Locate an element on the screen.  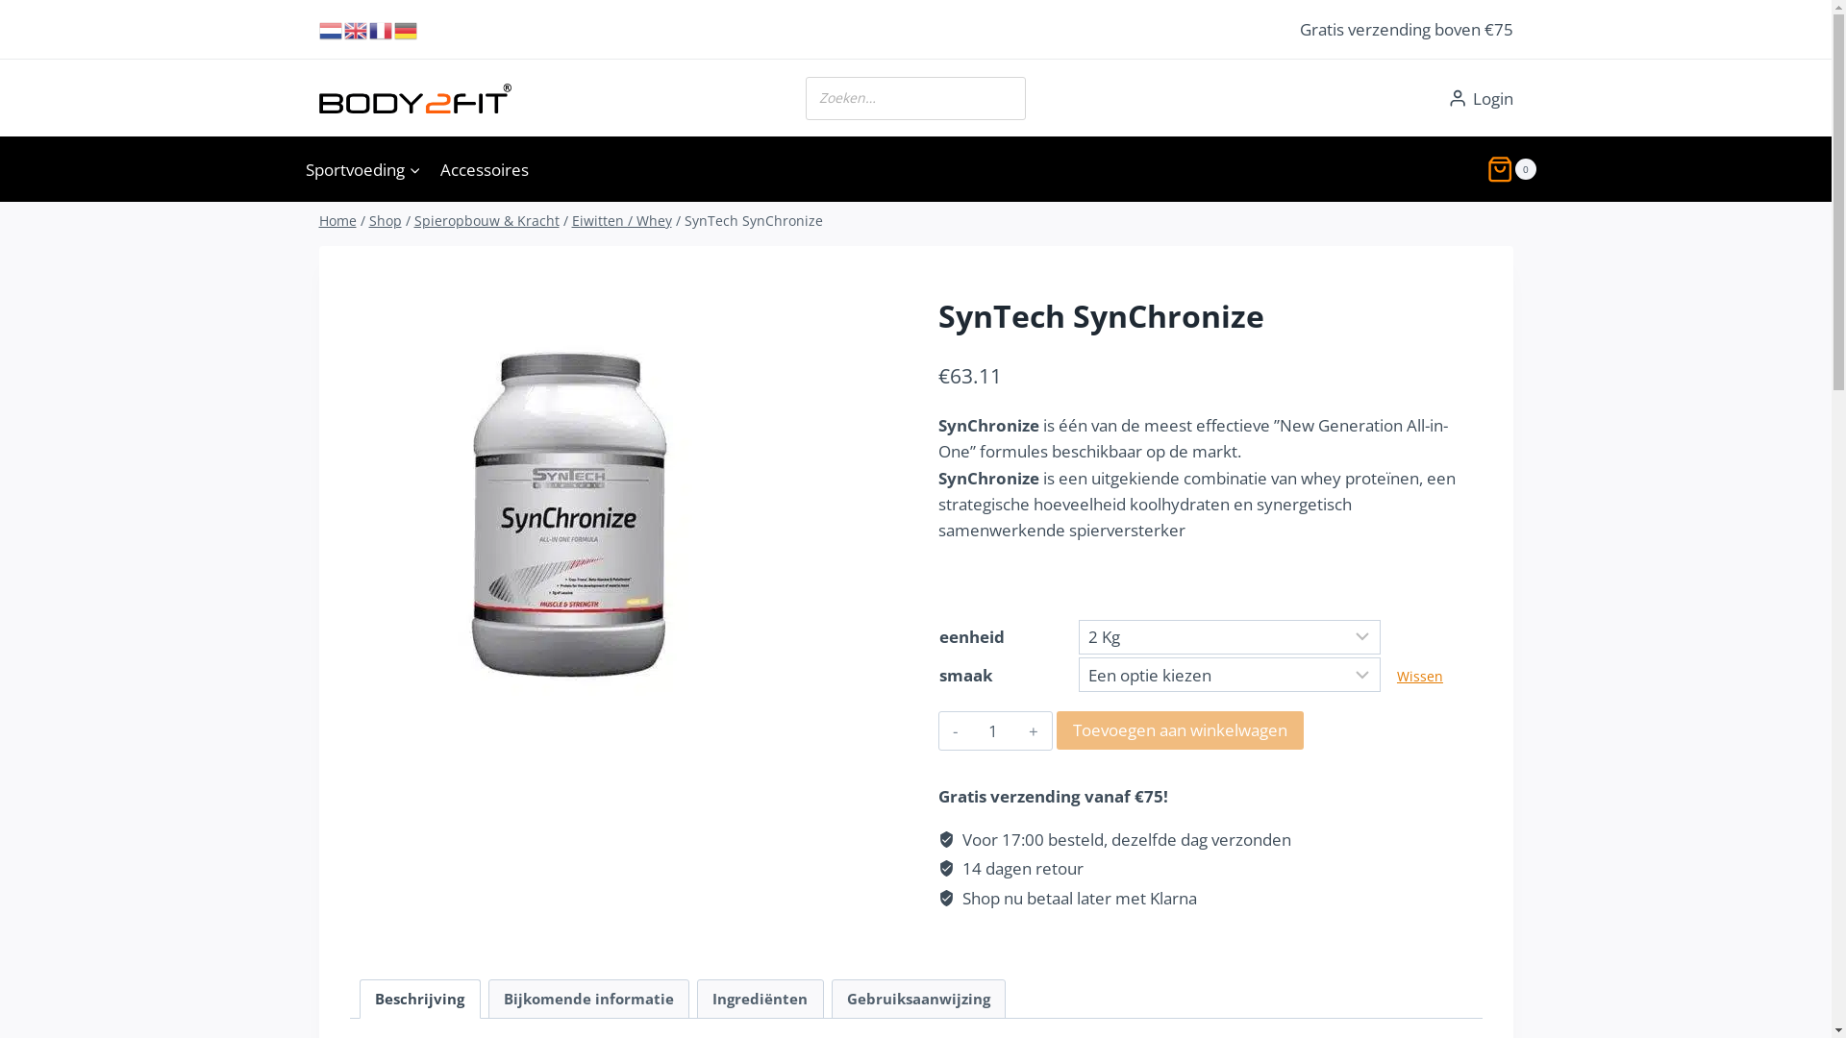
'English' is located at coordinates (356, 29).